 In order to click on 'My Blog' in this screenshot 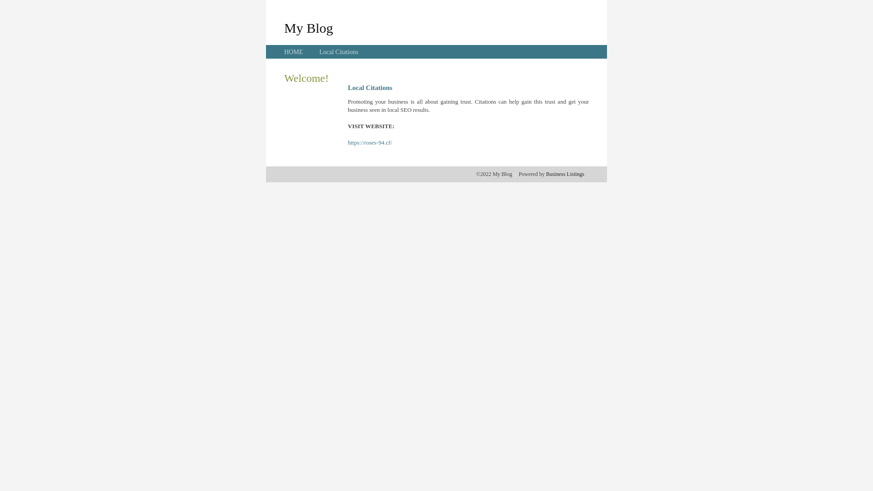, I will do `click(308, 27)`.